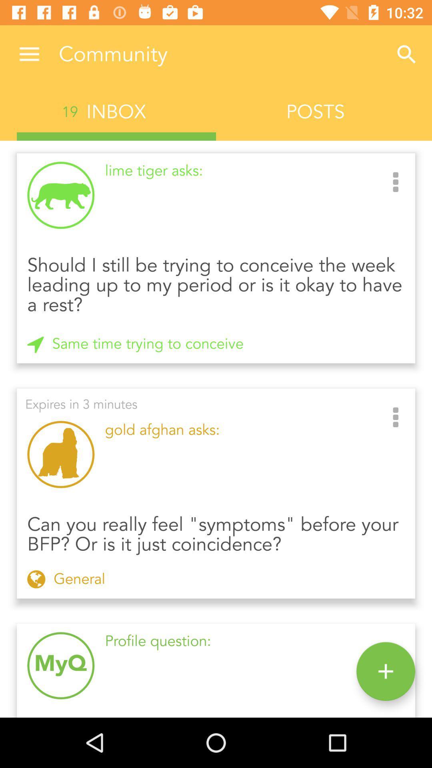  What do you see at coordinates (385, 671) in the screenshot?
I see `question` at bounding box center [385, 671].